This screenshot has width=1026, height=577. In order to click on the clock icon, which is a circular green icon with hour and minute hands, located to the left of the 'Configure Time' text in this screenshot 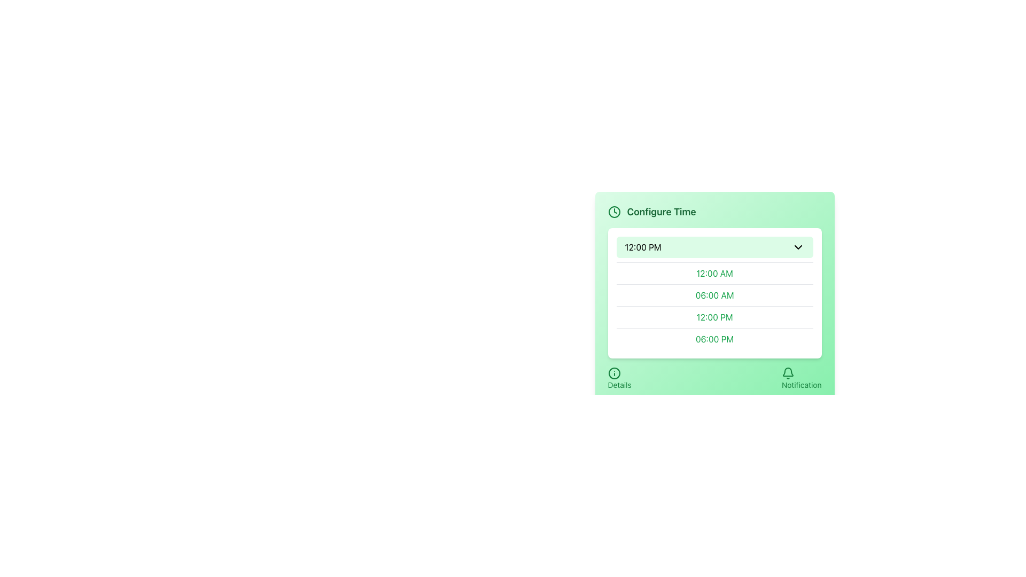, I will do `click(614, 212)`.